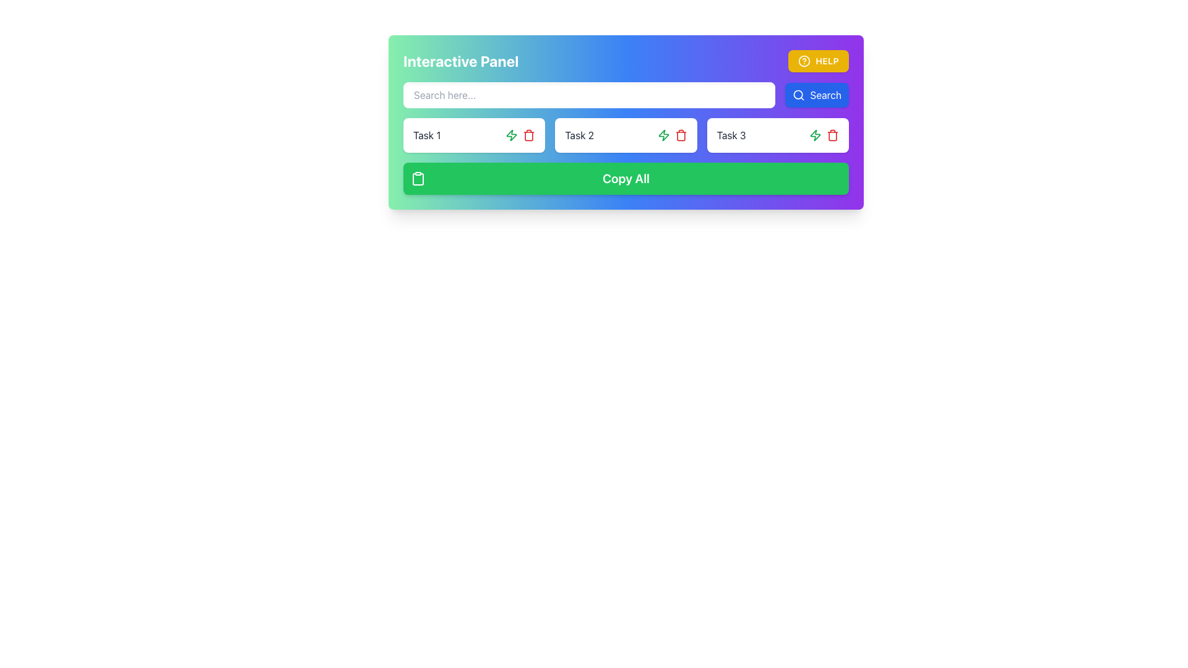 The height and width of the screenshot is (668, 1188). What do you see at coordinates (804, 61) in the screenshot?
I see `the inner circle of the 'Help' icon located in the upper right portion of the interface` at bounding box center [804, 61].